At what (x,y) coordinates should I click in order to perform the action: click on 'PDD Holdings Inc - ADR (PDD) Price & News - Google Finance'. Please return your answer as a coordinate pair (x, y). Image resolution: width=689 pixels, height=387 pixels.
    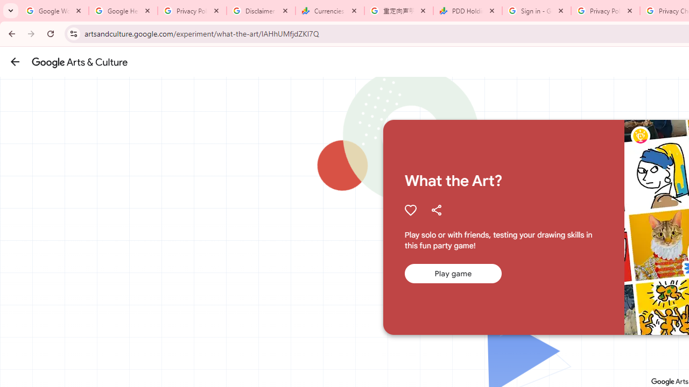
    Looking at the image, I should click on (468, 11).